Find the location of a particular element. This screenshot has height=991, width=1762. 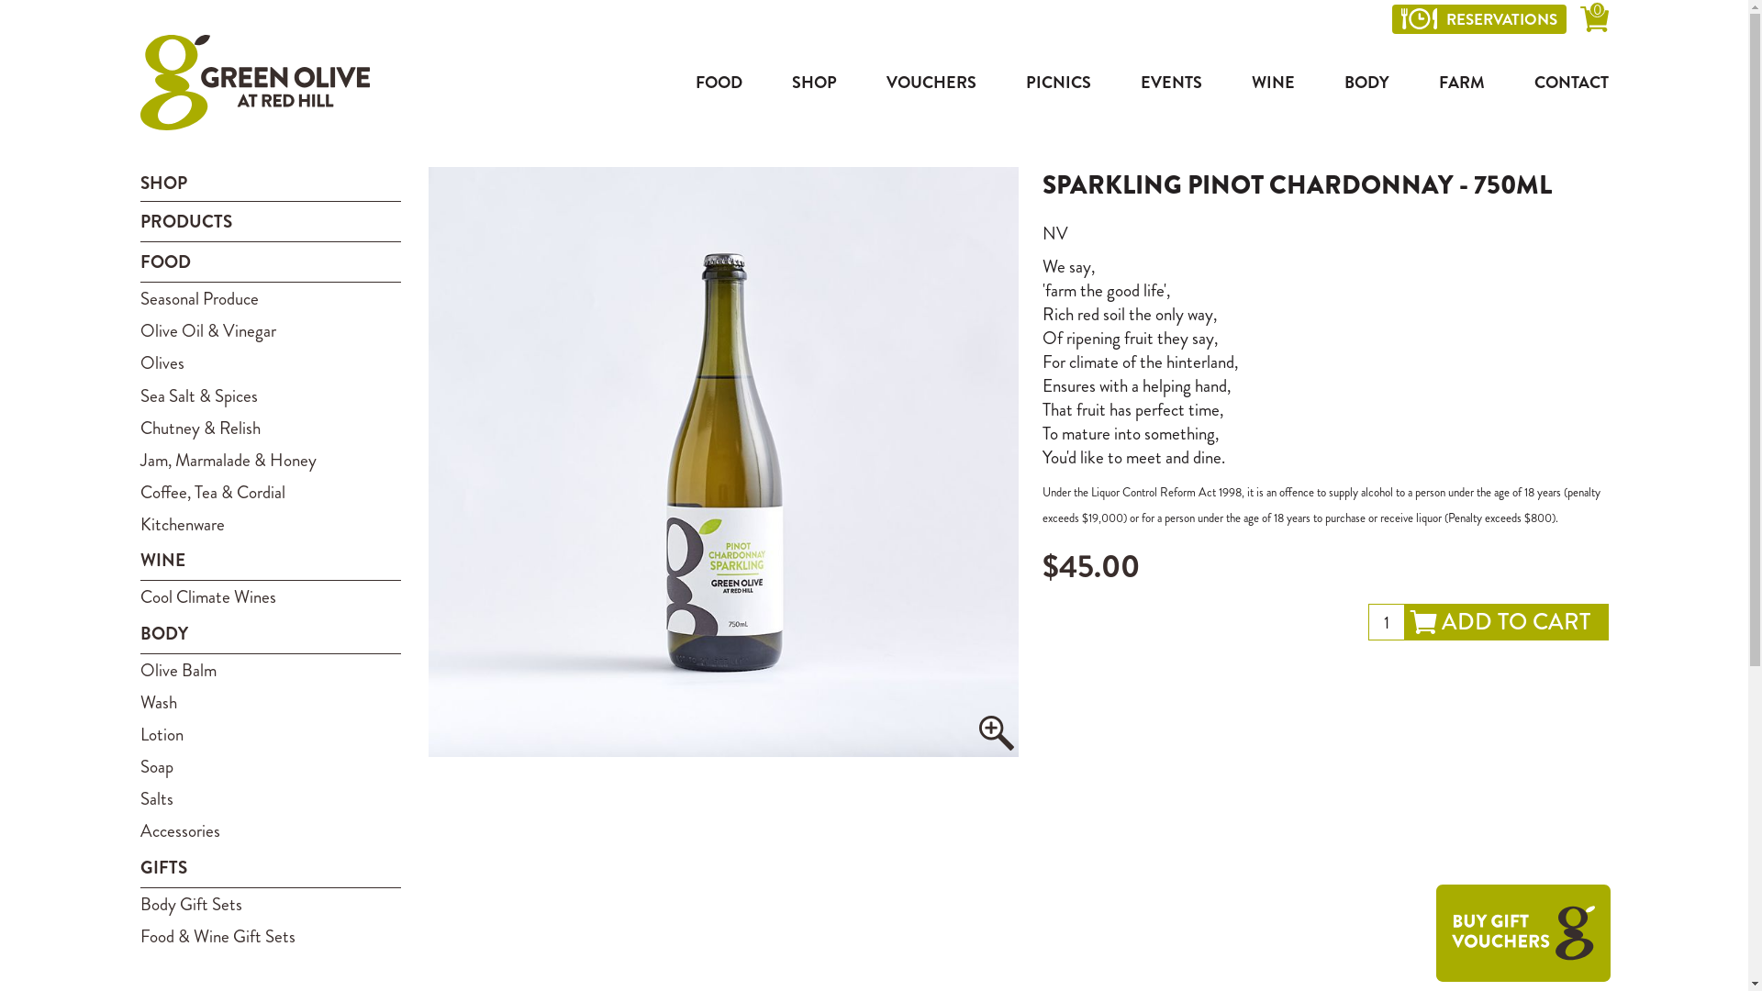

' Green Olive at Red Hill' is located at coordinates (253, 81).